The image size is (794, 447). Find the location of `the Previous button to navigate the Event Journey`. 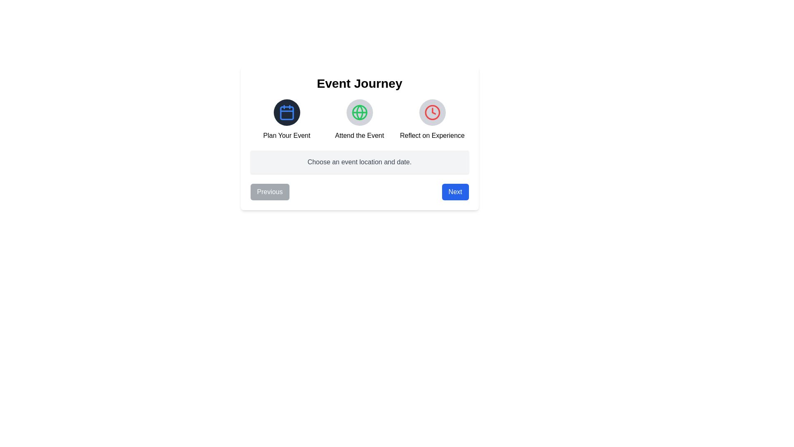

the Previous button to navigate the Event Journey is located at coordinates (270, 192).